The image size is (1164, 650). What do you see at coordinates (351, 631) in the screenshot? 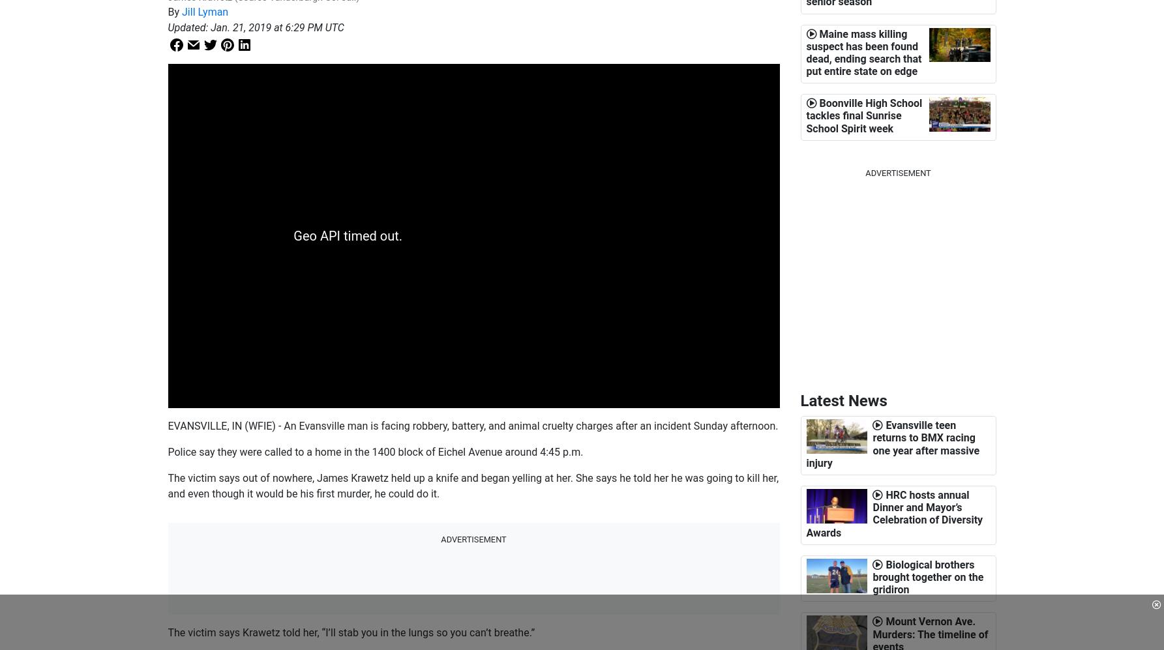
I see `'The victim says Krawetz told her, “I’ll stab you in the lungs so you can’t breathe.”'` at bounding box center [351, 631].